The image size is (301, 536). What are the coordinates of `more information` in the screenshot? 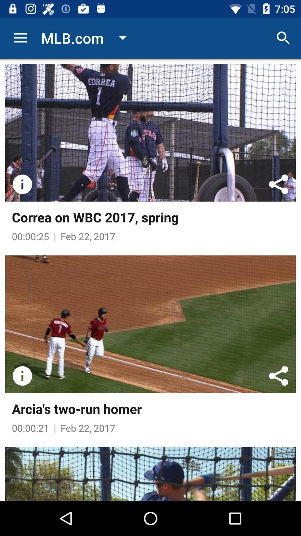 It's located at (22, 376).